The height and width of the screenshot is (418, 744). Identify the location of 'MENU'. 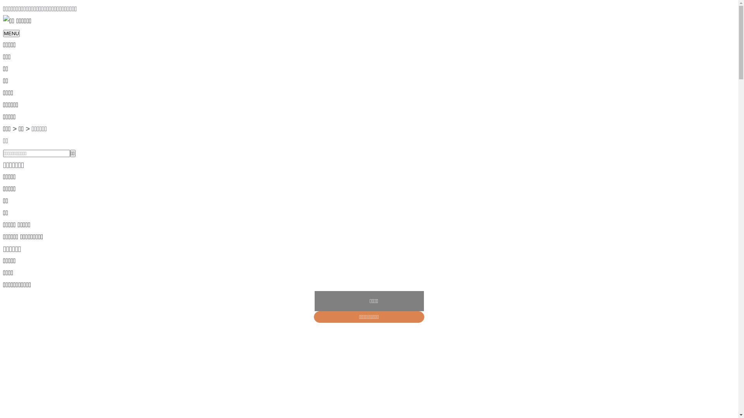
(11, 33).